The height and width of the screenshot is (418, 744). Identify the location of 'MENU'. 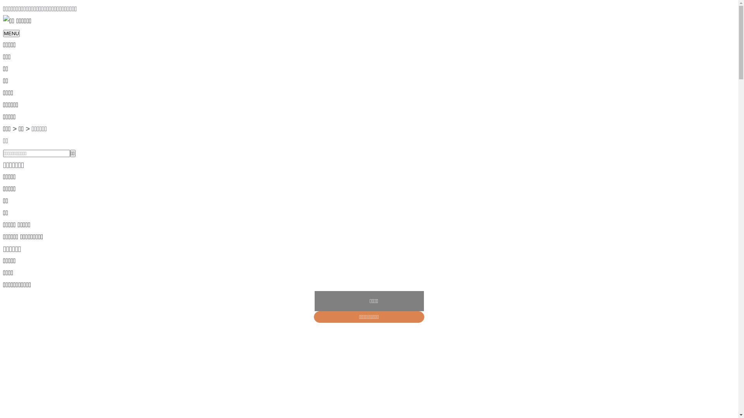
(11, 33).